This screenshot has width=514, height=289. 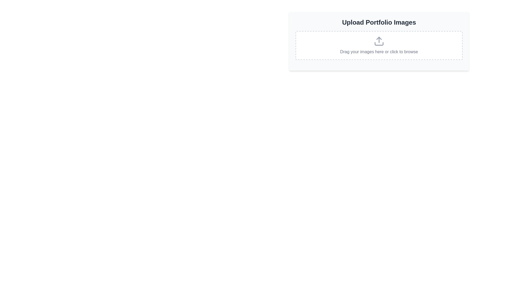 What do you see at coordinates (379, 45) in the screenshot?
I see `and drop files onto the File upload area located below the 'Upload Portfolio Images' heading` at bounding box center [379, 45].